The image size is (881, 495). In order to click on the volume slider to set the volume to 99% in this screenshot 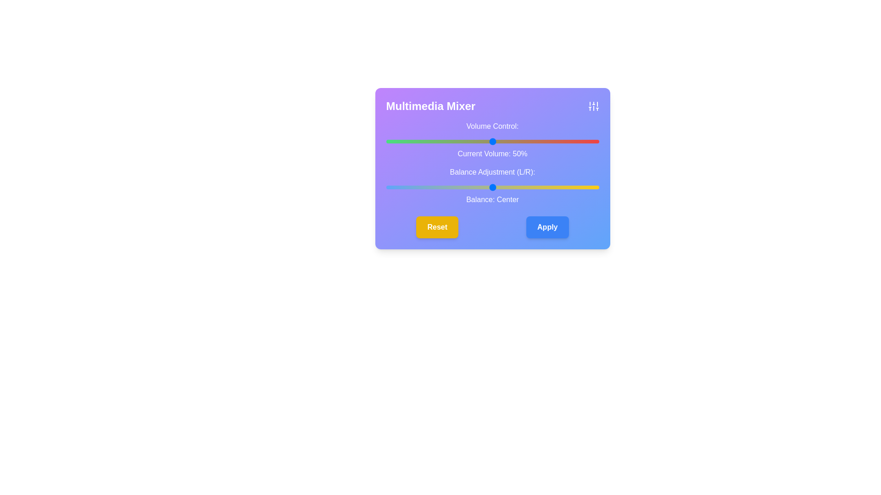, I will do `click(597, 141)`.